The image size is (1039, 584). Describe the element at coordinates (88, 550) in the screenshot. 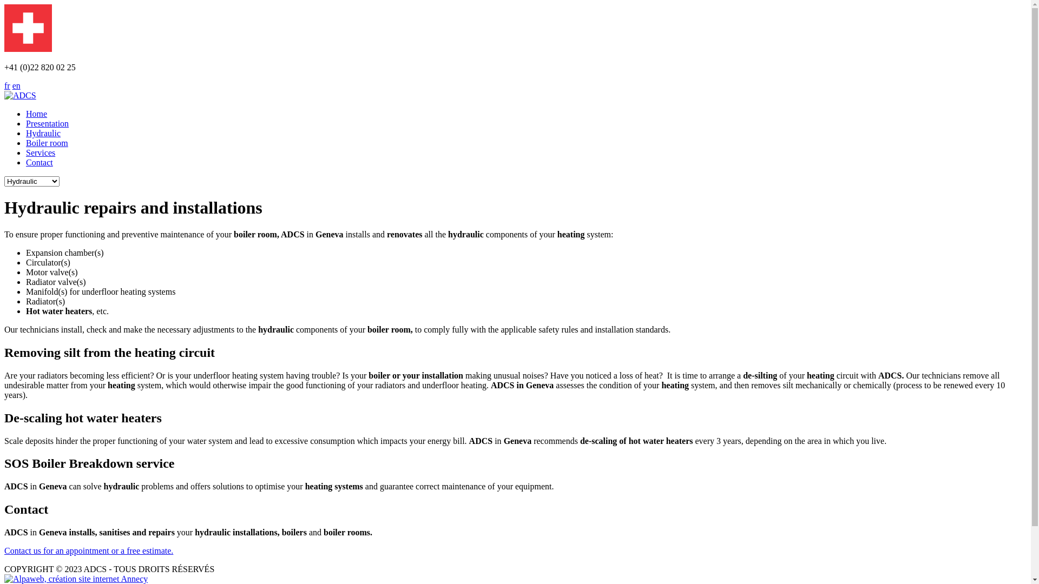

I see `'Contact us for an appointment or a free estimate.'` at that location.